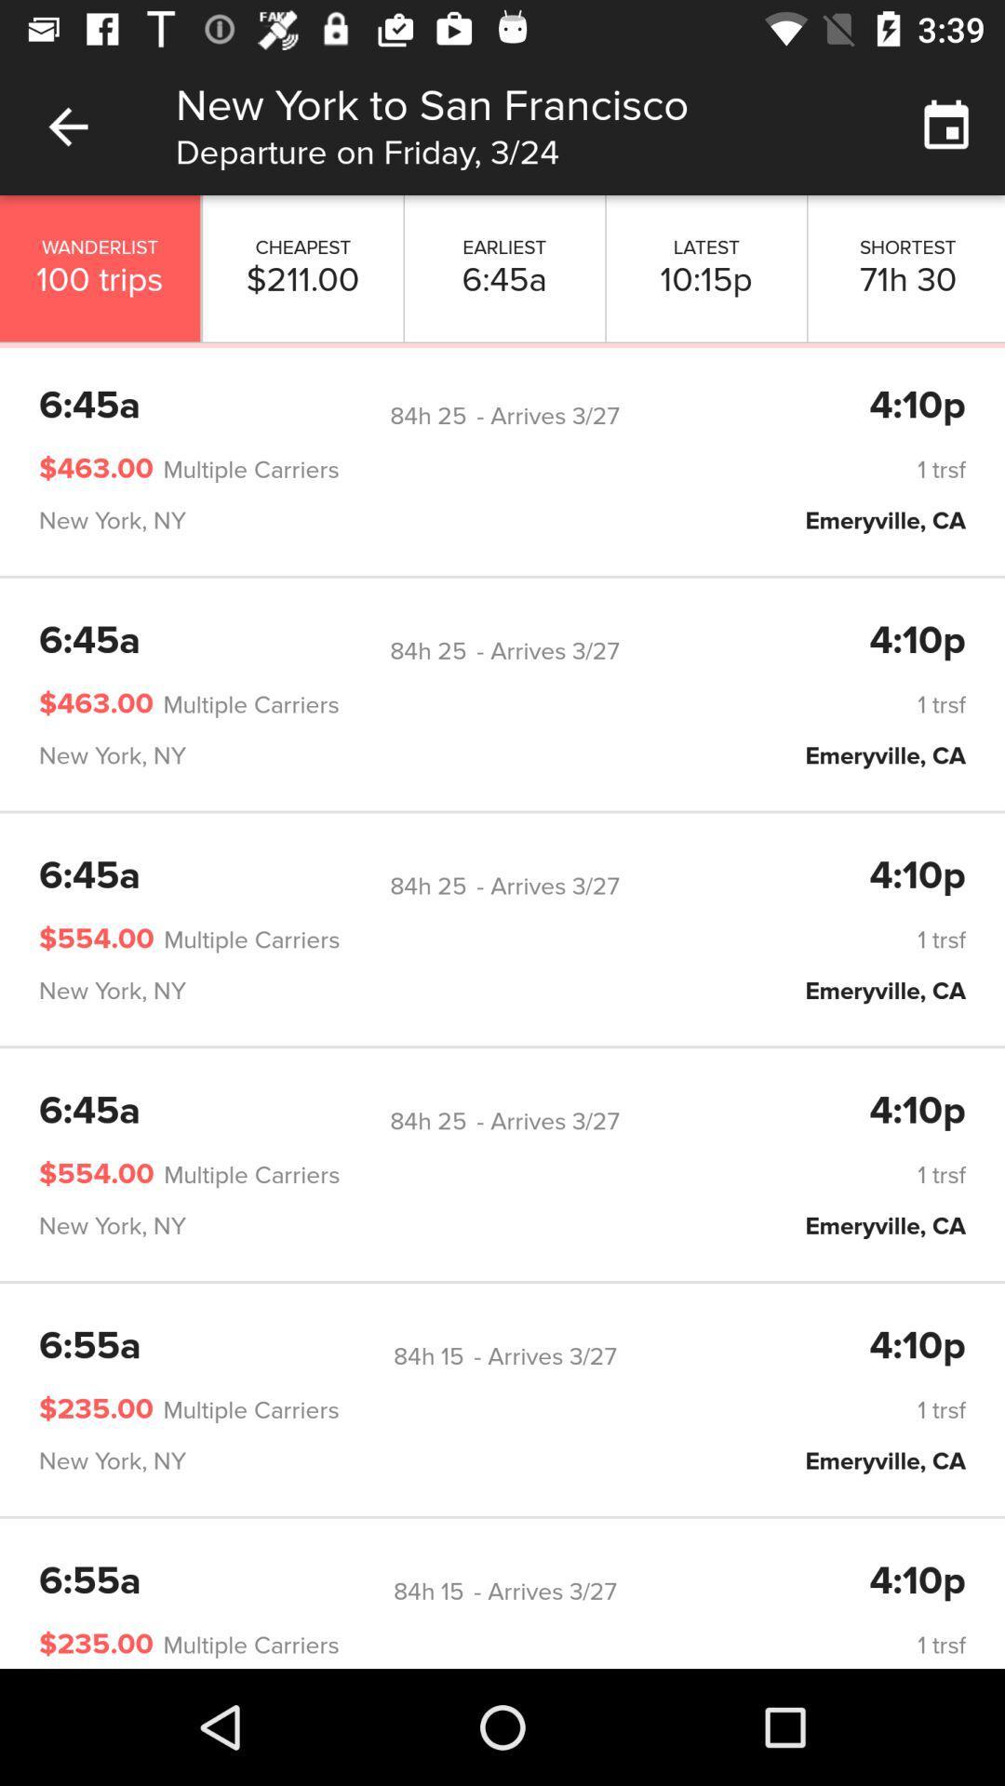 Image resolution: width=1005 pixels, height=1786 pixels. What do you see at coordinates (67, 126) in the screenshot?
I see `back` at bounding box center [67, 126].